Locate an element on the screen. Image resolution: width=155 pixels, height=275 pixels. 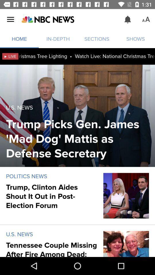
the icon above the home icon is located at coordinates (47, 19).